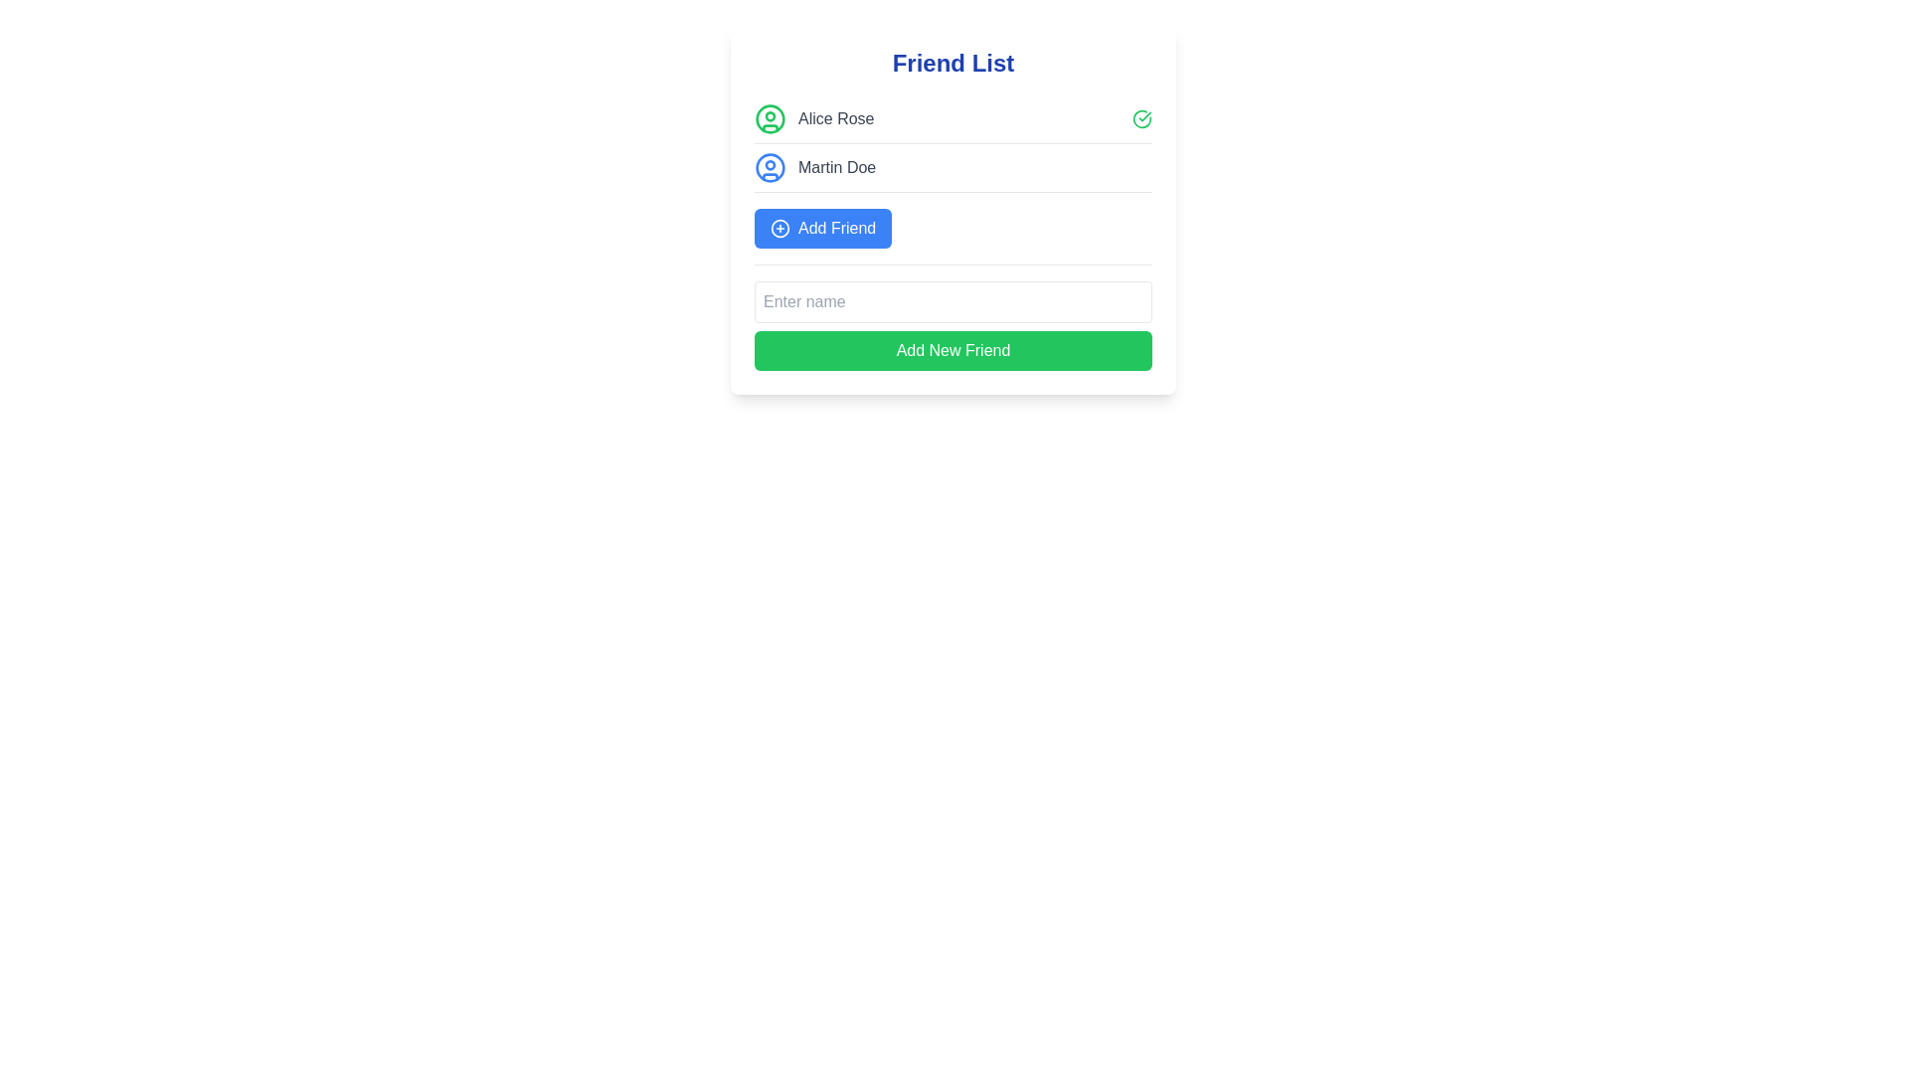  I want to click on the label displaying the name 'Alice Rose' in the friend list, which is positioned in the topmost row next to a circular user profile icon and a green circular checkmark, so click(836, 118).